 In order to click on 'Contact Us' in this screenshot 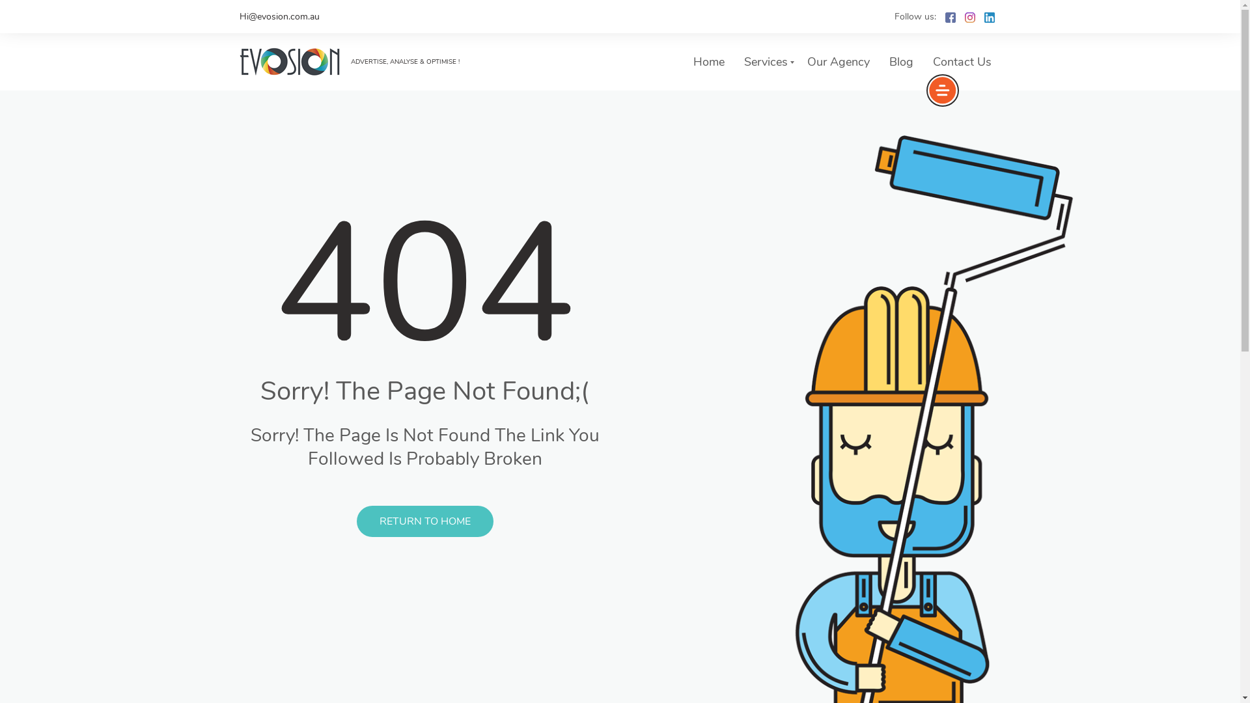, I will do `click(962, 62)`.